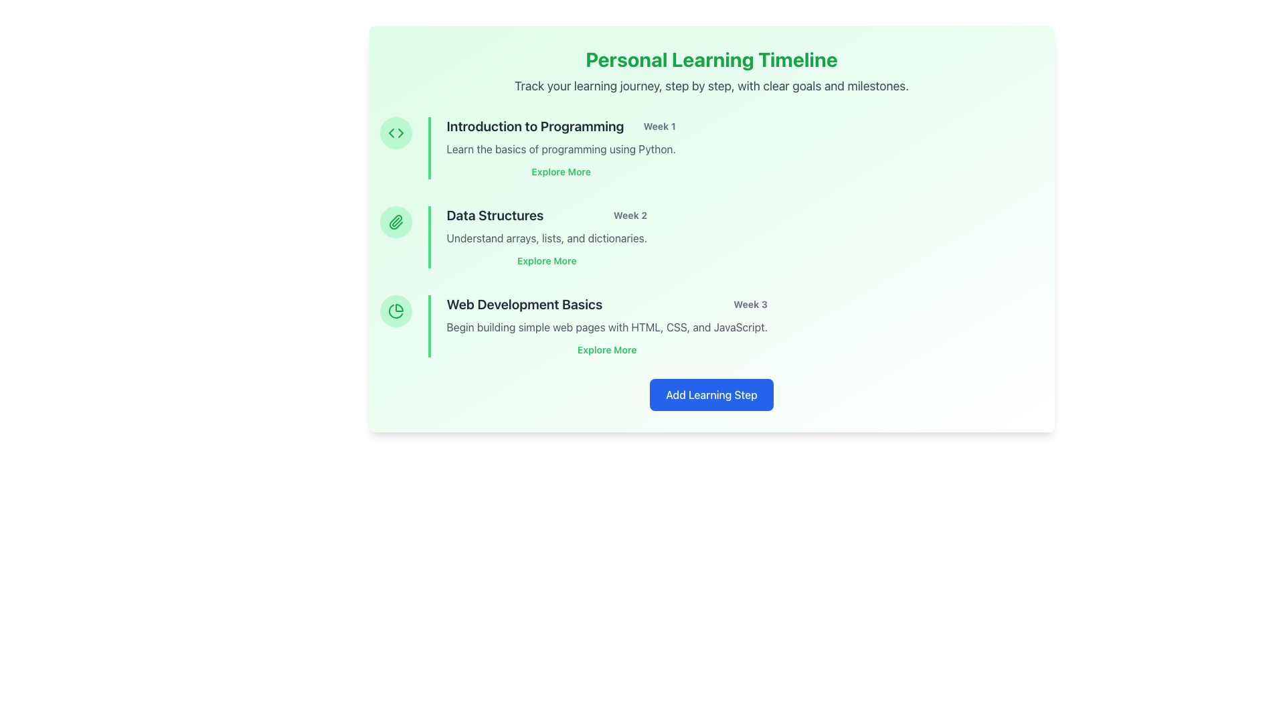  What do you see at coordinates (606, 349) in the screenshot?
I see `the hyperlink styled with a left green border that leads to 'Web Development Basics'` at bounding box center [606, 349].